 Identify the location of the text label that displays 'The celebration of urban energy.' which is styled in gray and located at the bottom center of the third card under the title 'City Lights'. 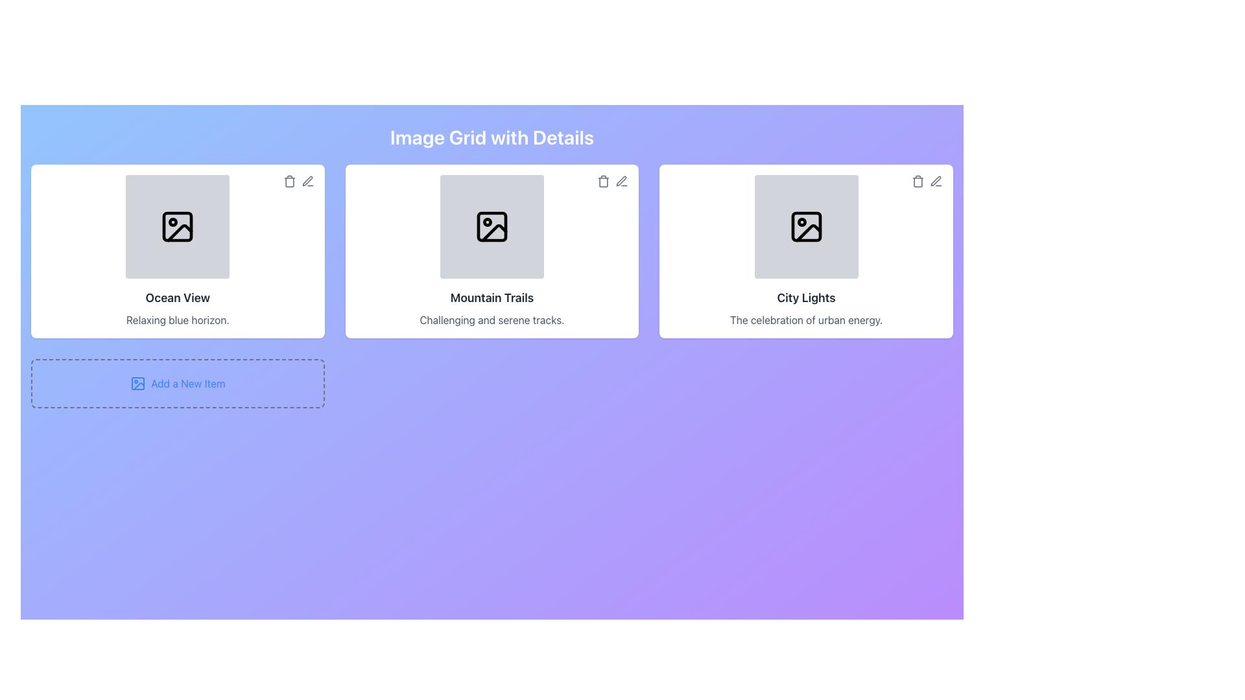
(805, 320).